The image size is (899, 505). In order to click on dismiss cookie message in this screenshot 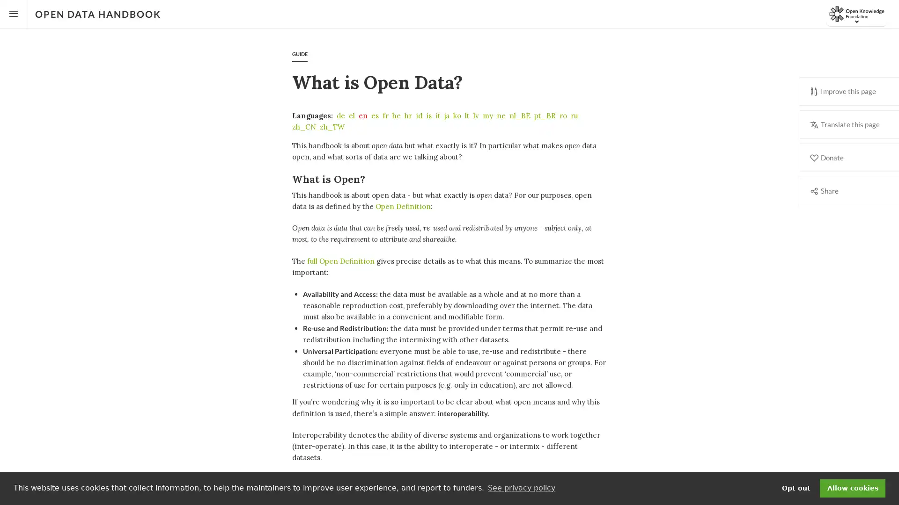, I will do `click(852, 488)`.